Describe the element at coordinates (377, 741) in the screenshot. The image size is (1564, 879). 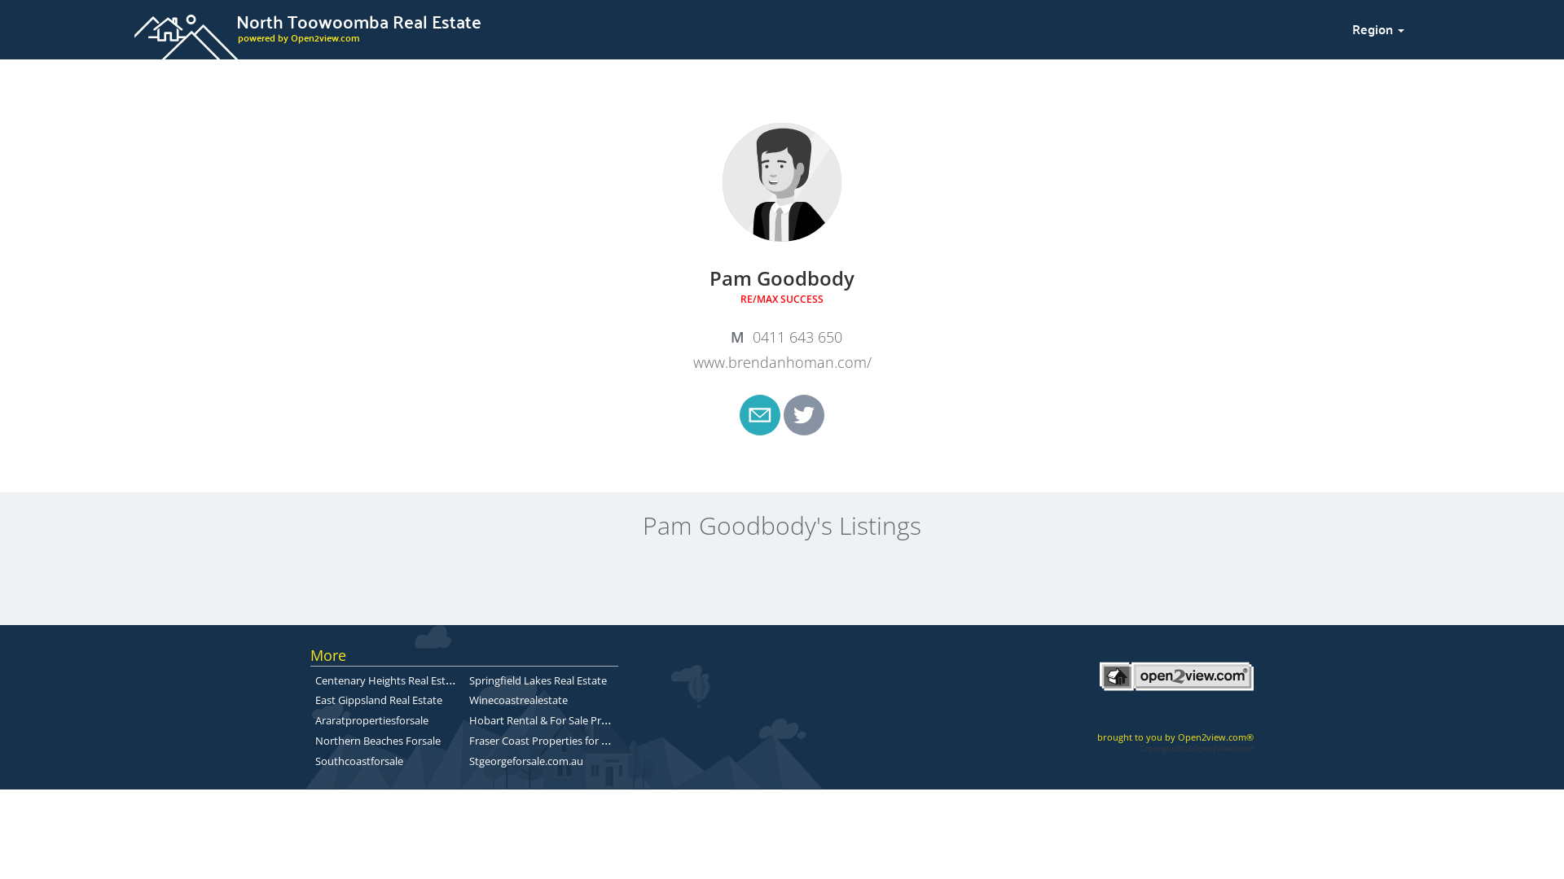
I see `'Northern Beaches Forsale'` at that location.